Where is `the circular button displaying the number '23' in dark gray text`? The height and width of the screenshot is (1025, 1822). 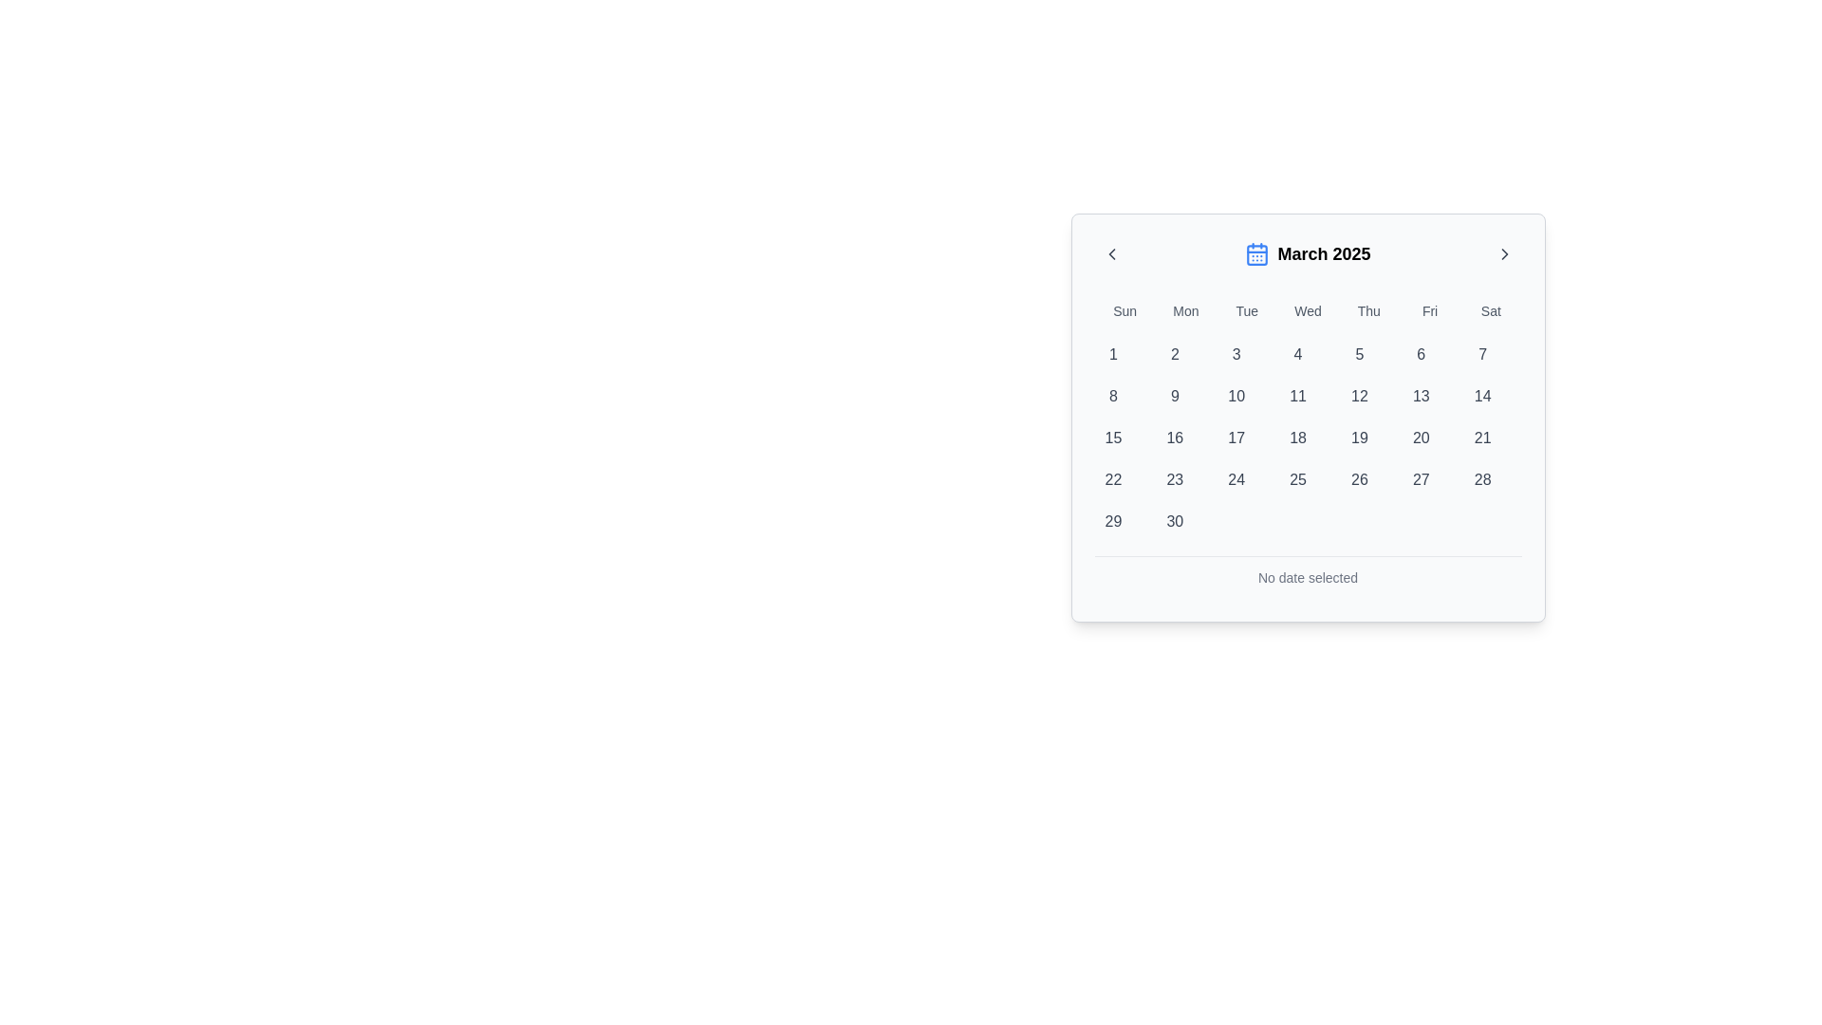
the circular button displaying the number '23' in dark gray text is located at coordinates (1174, 478).